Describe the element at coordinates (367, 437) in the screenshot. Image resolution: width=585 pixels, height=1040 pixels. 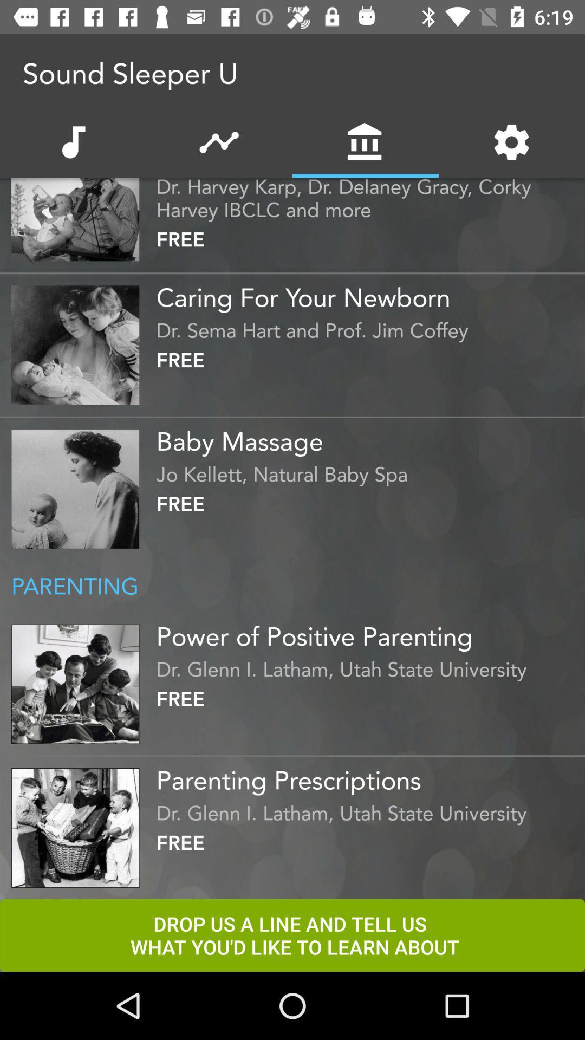
I see `baby massage` at that location.